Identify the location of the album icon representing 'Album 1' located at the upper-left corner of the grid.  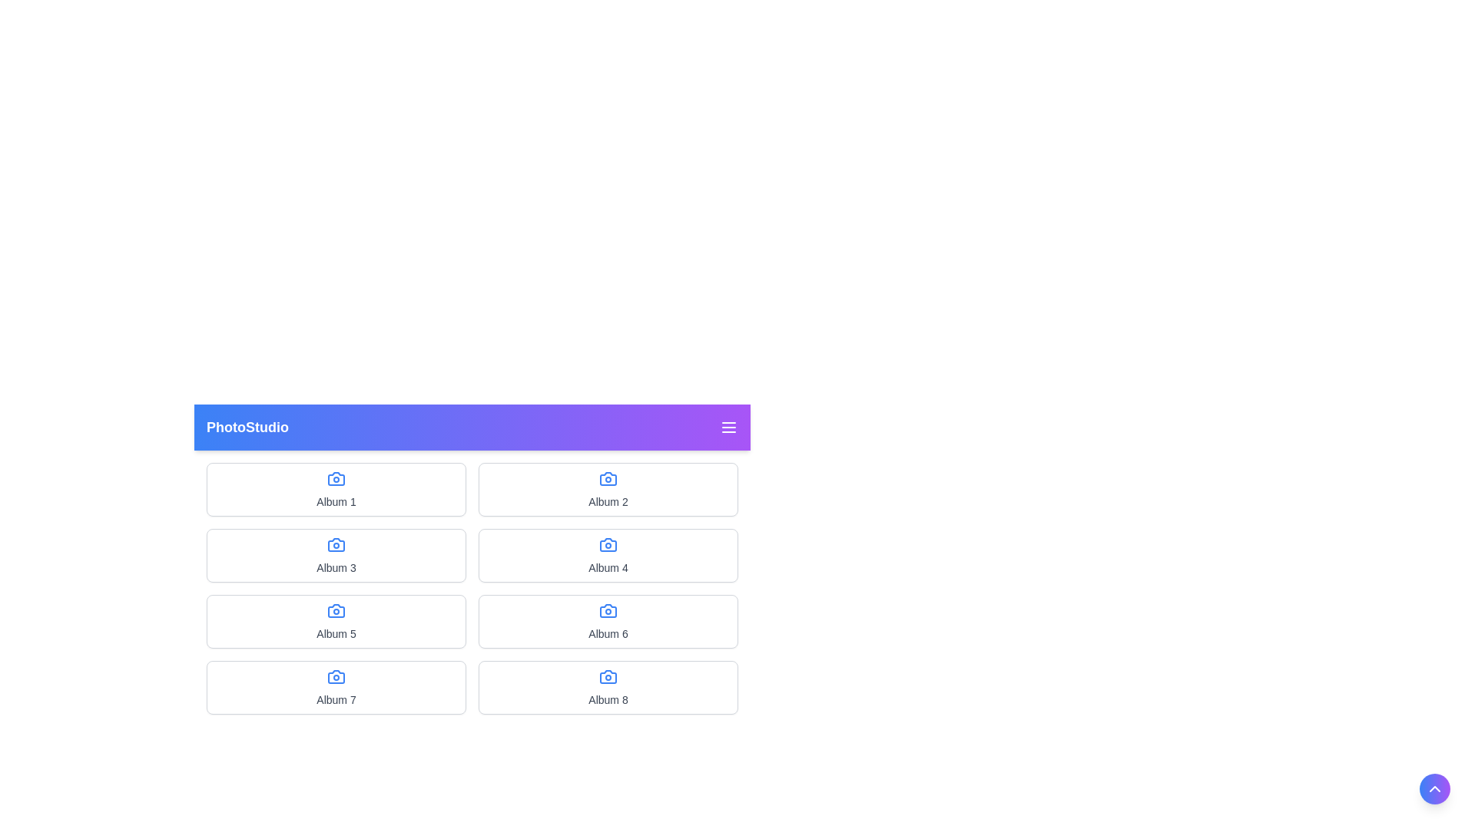
(335, 478).